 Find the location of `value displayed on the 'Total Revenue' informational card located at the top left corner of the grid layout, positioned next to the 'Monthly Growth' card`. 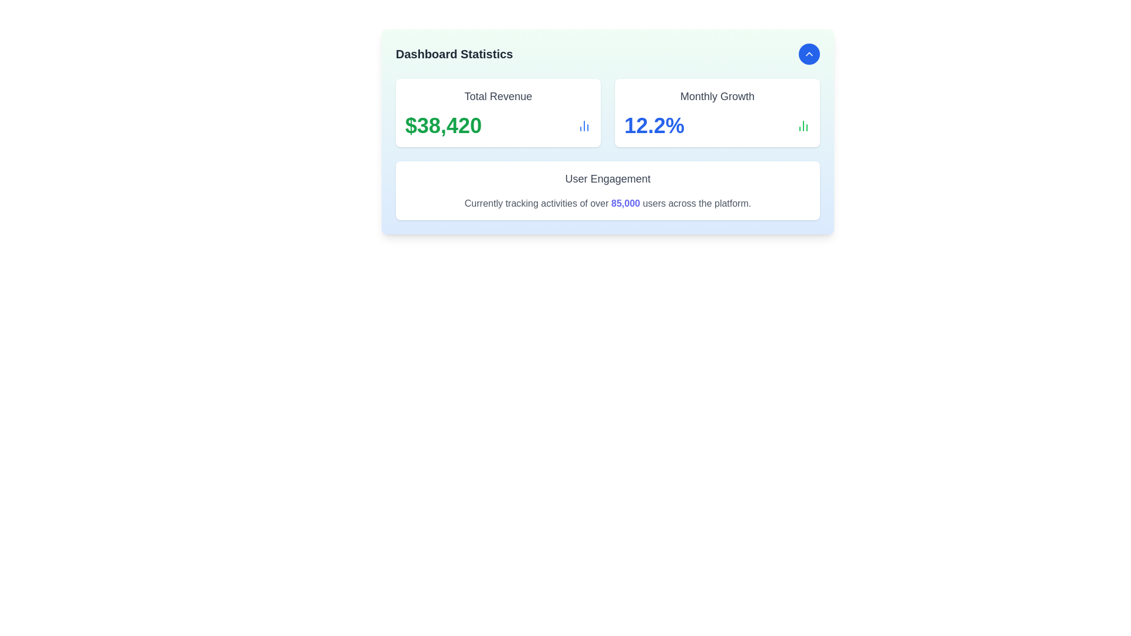

value displayed on the 'Total Revenue' informational card located at the top left corner of the grid layout, positioned next to the 'Monthly Growth' card is located at coordinates (498, 113).